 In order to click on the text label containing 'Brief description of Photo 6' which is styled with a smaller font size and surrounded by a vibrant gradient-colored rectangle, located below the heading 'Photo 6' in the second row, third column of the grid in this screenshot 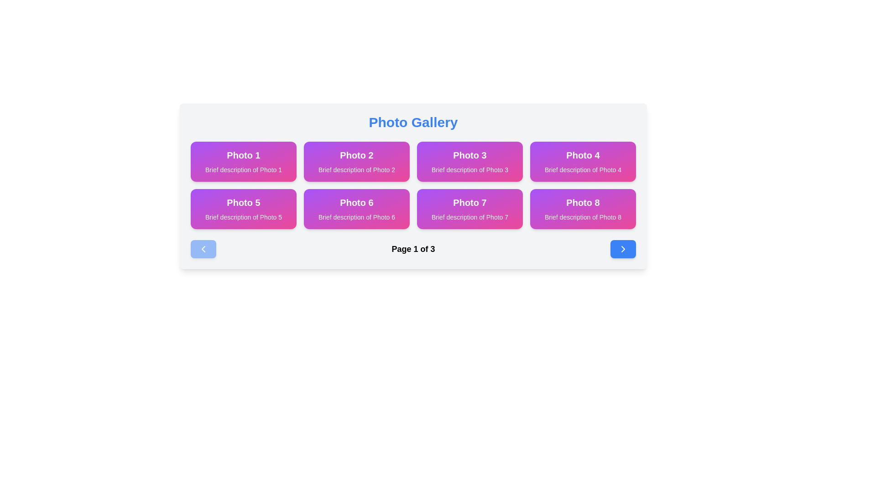, I will do `click(356, 217)`.